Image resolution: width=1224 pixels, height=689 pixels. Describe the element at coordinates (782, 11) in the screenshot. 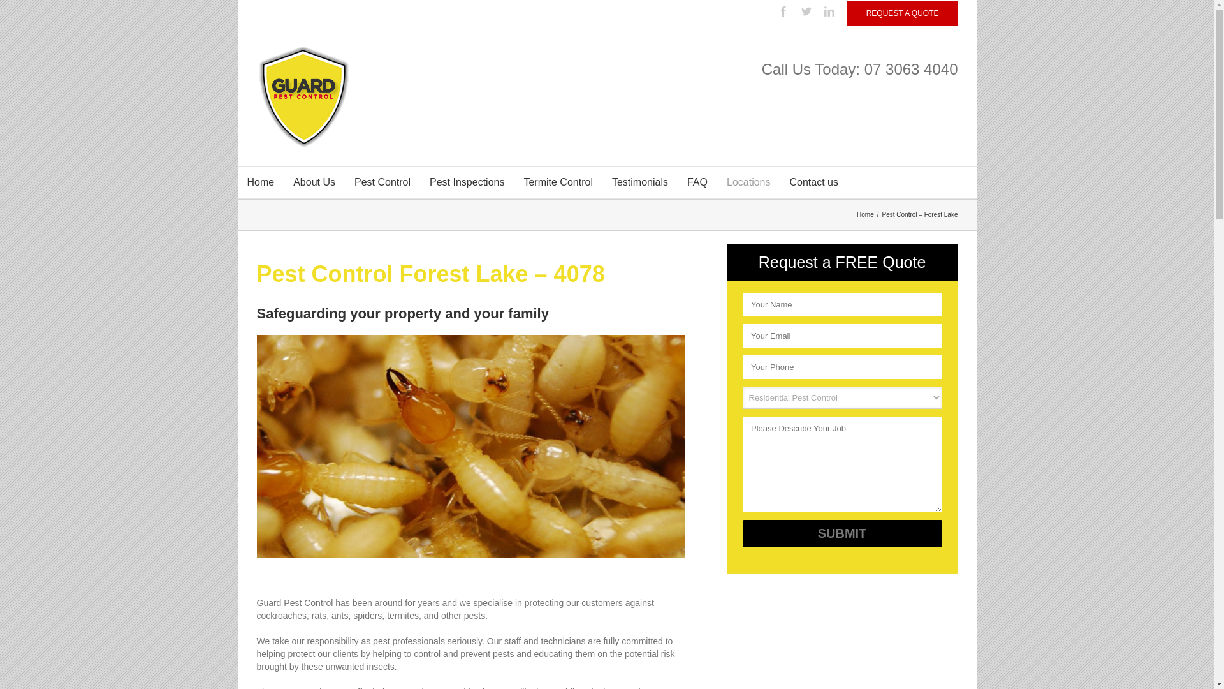

I see `'Facebook'` at that location.